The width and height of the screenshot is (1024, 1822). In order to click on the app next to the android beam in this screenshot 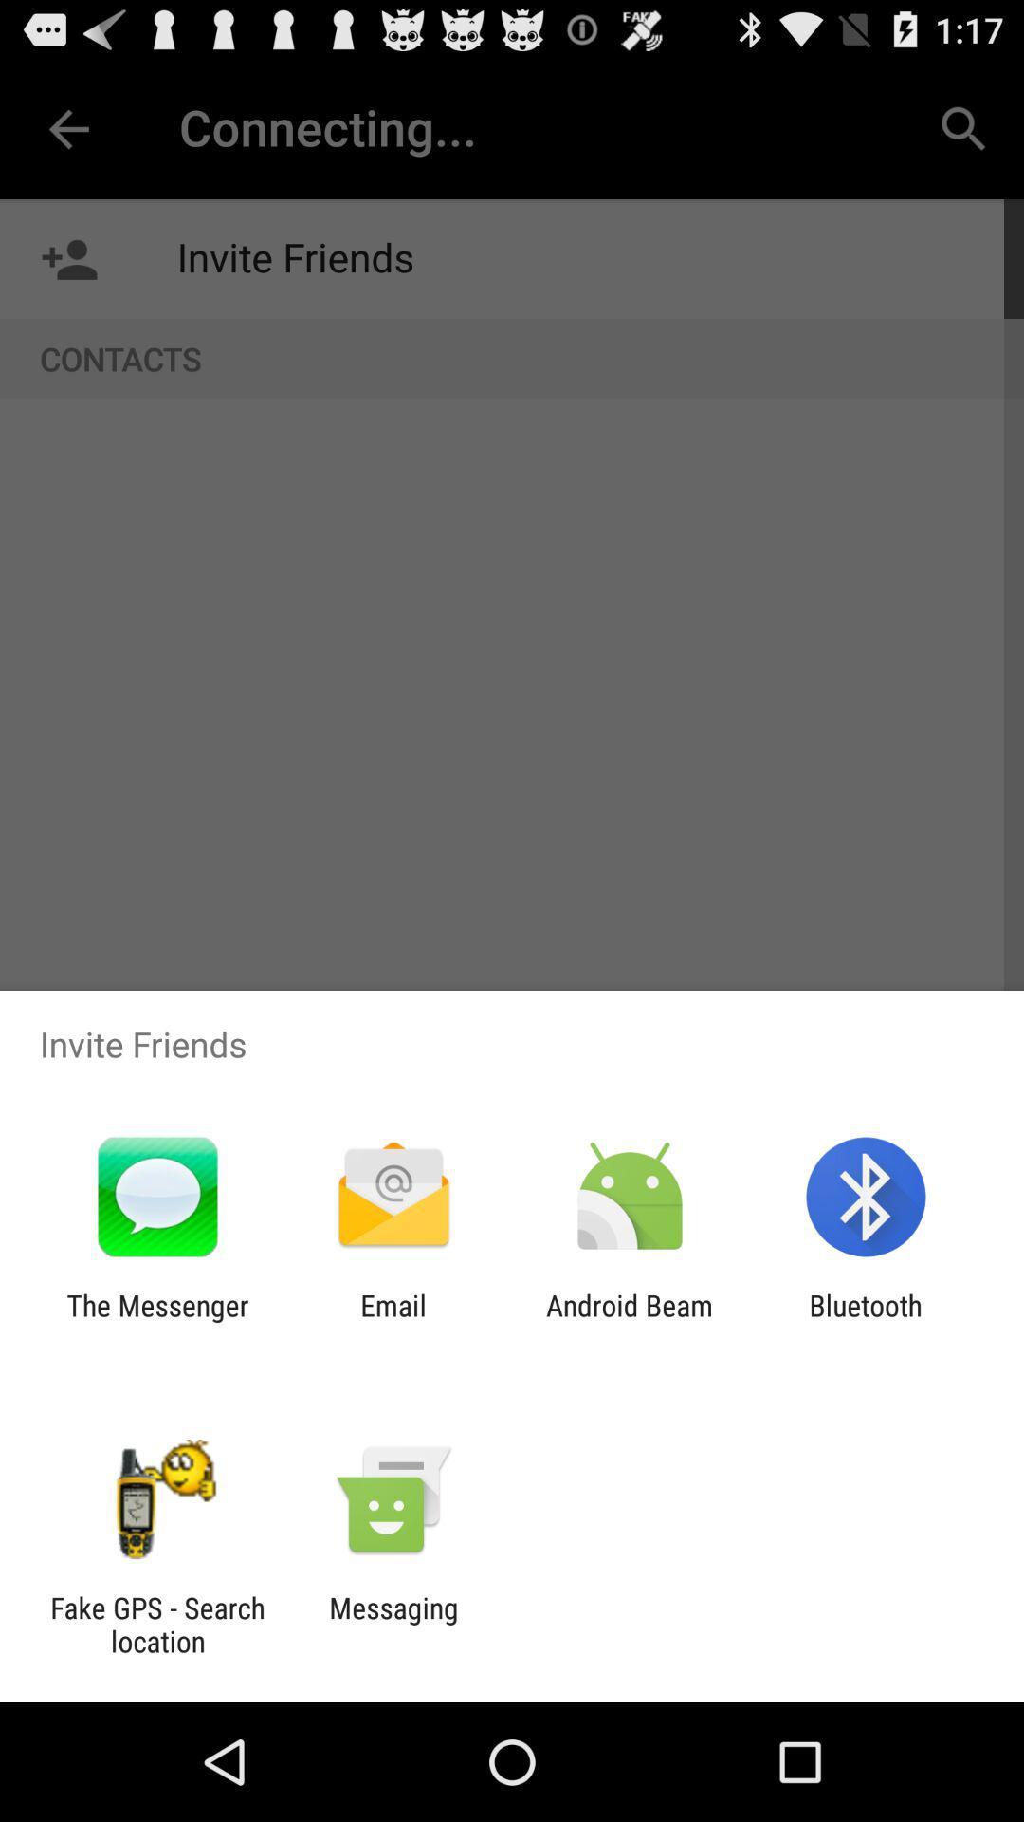, I will do `click(866, 1321)`.